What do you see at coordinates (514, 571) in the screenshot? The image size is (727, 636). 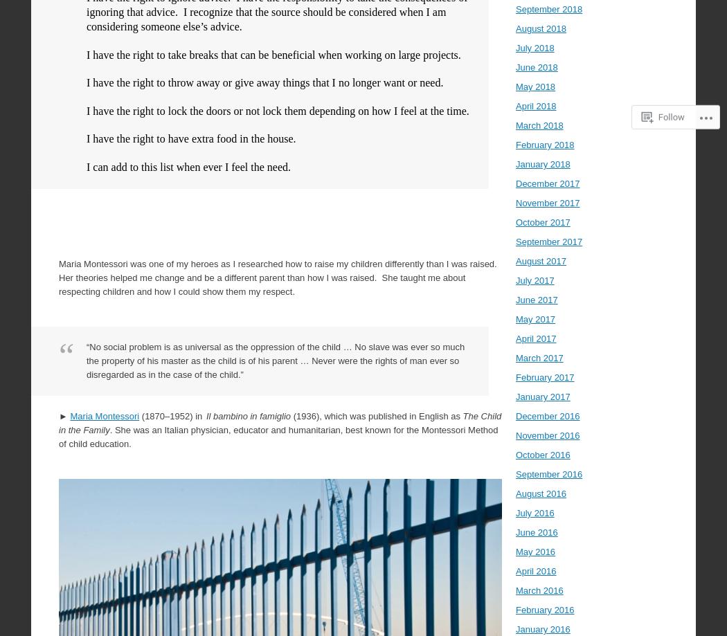 I see `'April 2016'` at bounding box center [514, 571].